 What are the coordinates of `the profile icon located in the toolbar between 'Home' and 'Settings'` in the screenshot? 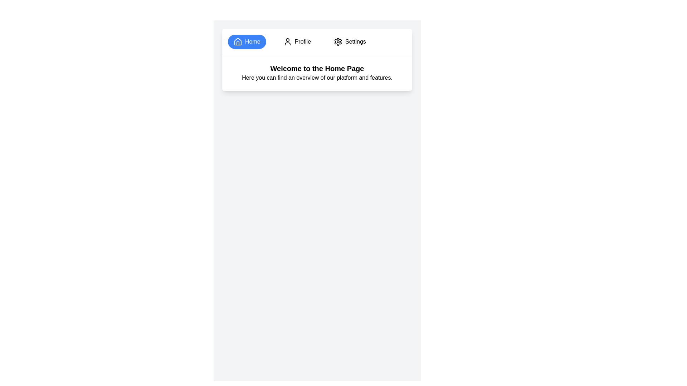 It's located at (287, 41).